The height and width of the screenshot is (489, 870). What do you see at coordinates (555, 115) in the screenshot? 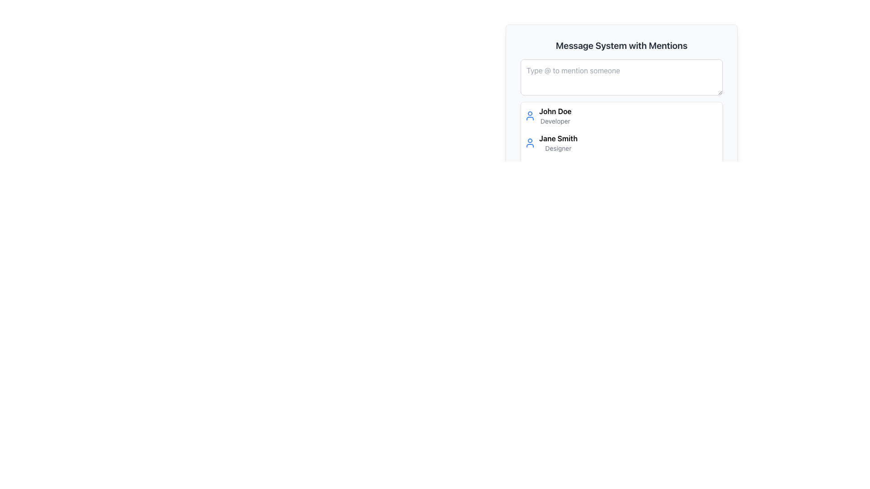
I see `contents of the text display element showing 'John Doe' and 'Developer' in a dropdown user list, positioned above 'Jane Smith Designer'` at bounding box center [555, 115].